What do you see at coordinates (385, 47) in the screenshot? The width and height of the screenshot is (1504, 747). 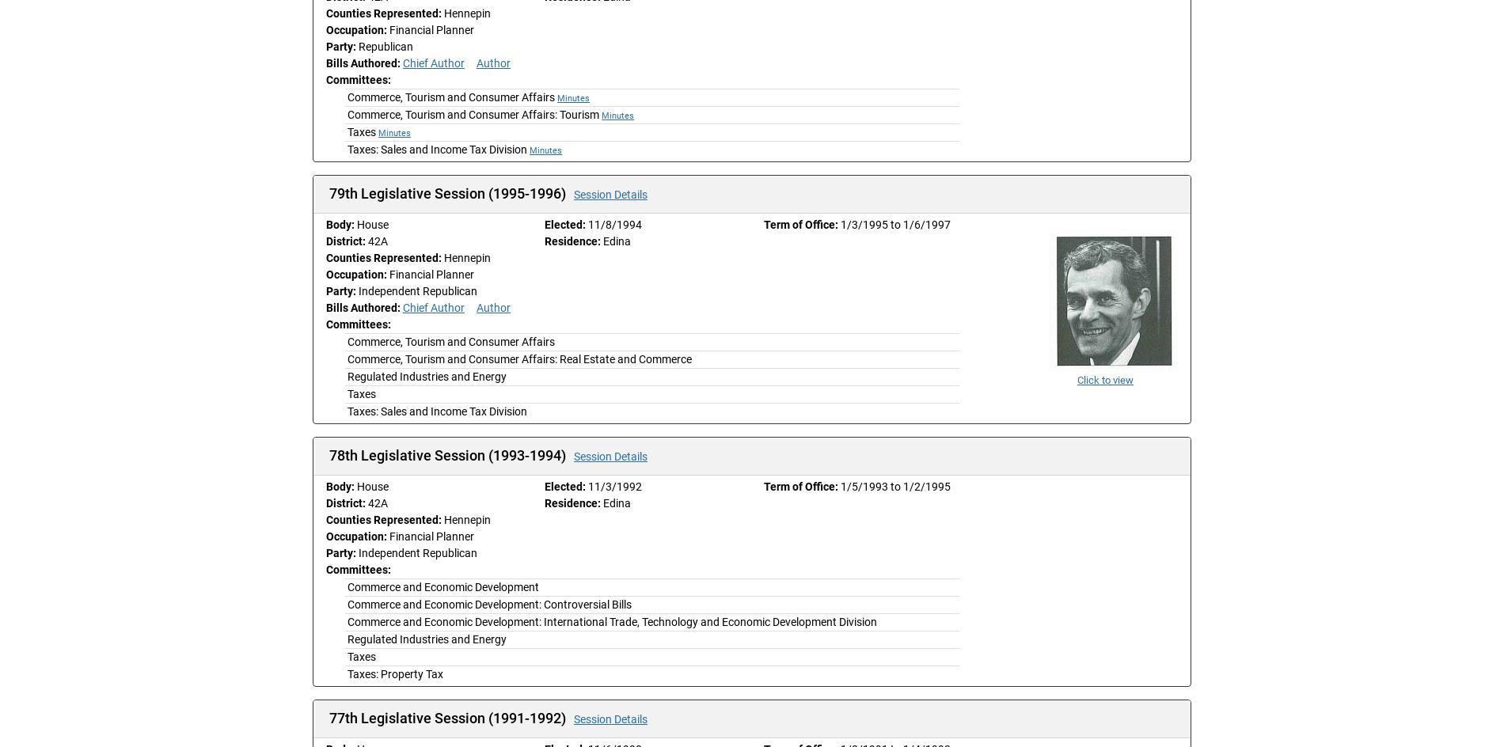 I see `'Republican'` at bounding box center [385, 47].